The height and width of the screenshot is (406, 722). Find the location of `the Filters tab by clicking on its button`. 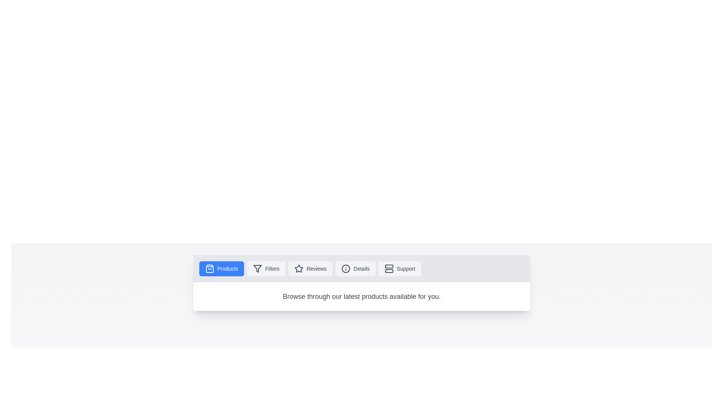

the Filters tab by clicking on its button is located at coordinates (266, 268).